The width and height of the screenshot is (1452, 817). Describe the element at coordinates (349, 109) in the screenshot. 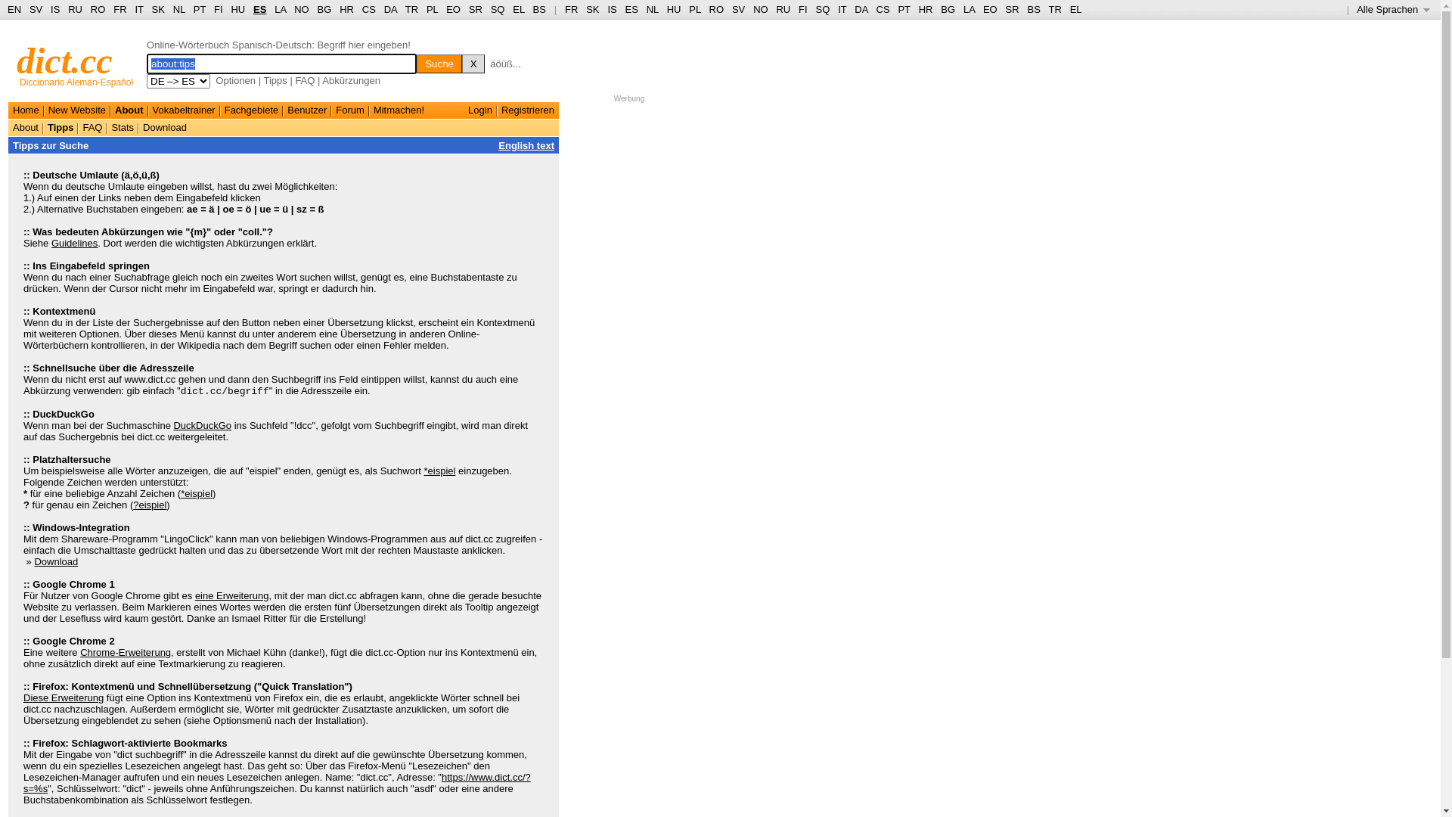

I see `'Forum'` at that location.